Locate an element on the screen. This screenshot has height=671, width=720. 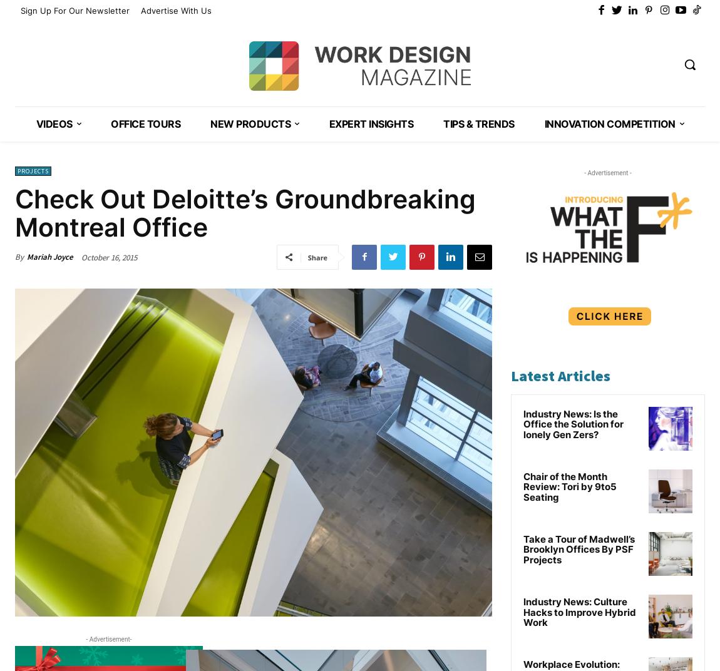
'October 16, 2015' is located at coordinates (108, 256).